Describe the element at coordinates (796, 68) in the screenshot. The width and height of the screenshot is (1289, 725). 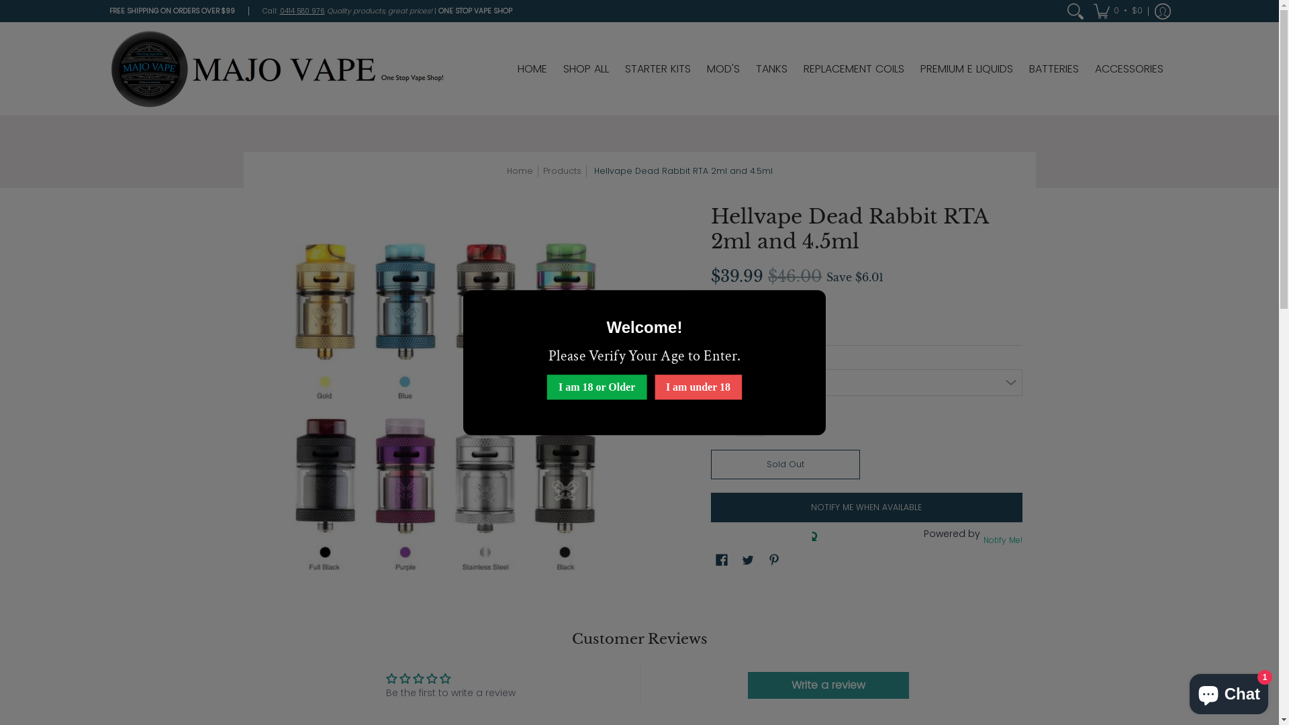
I see `'REPLACEMENT COILS'` at that location.